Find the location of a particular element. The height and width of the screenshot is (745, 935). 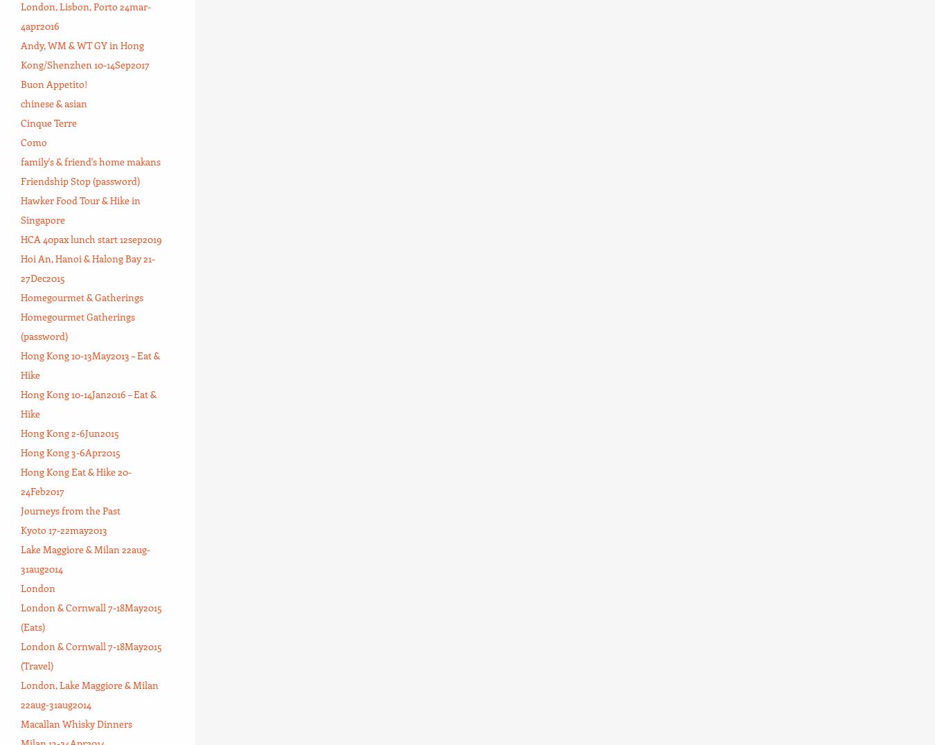

'HCA 40pax lunch start 12sep2019' is located at coordinates (19, 238).